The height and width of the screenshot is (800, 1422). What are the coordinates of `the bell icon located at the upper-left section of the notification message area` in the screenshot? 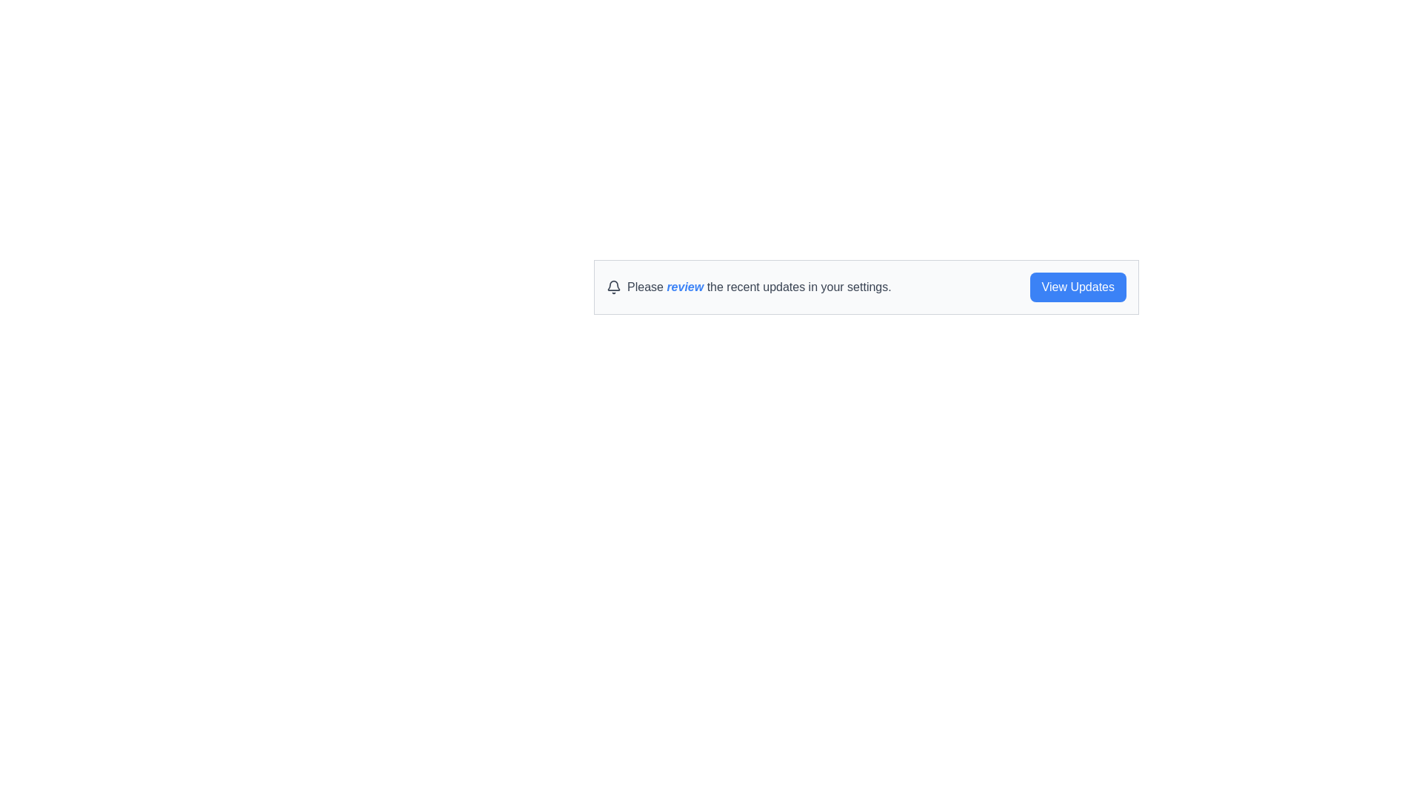 It's located at (614, 287).